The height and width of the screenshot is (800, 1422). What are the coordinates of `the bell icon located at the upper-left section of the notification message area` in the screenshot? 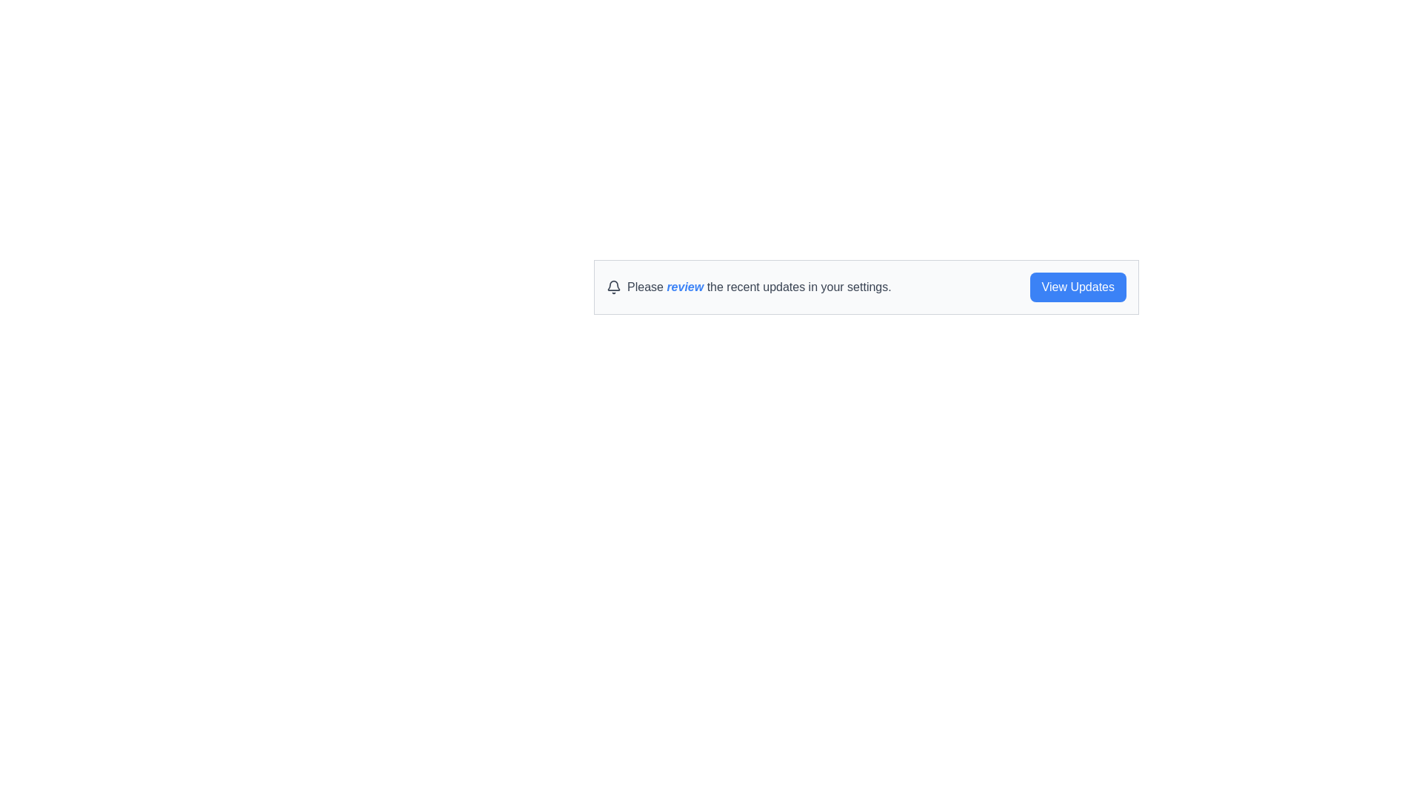 It's located at (614, 287).